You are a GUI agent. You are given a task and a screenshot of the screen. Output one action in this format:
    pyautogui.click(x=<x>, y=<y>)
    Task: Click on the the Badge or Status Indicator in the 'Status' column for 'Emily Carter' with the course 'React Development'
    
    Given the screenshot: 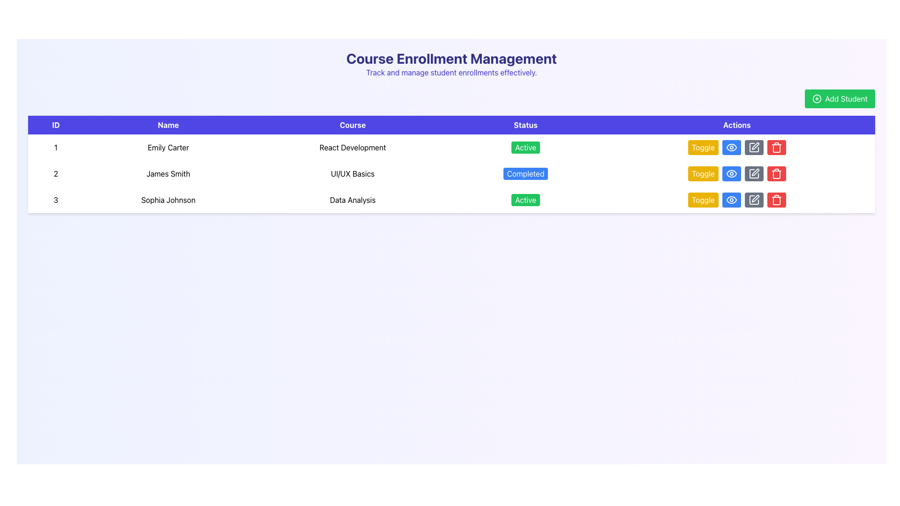 What is the action you would take?
    pyautogui.click(x=525, y=148)
    